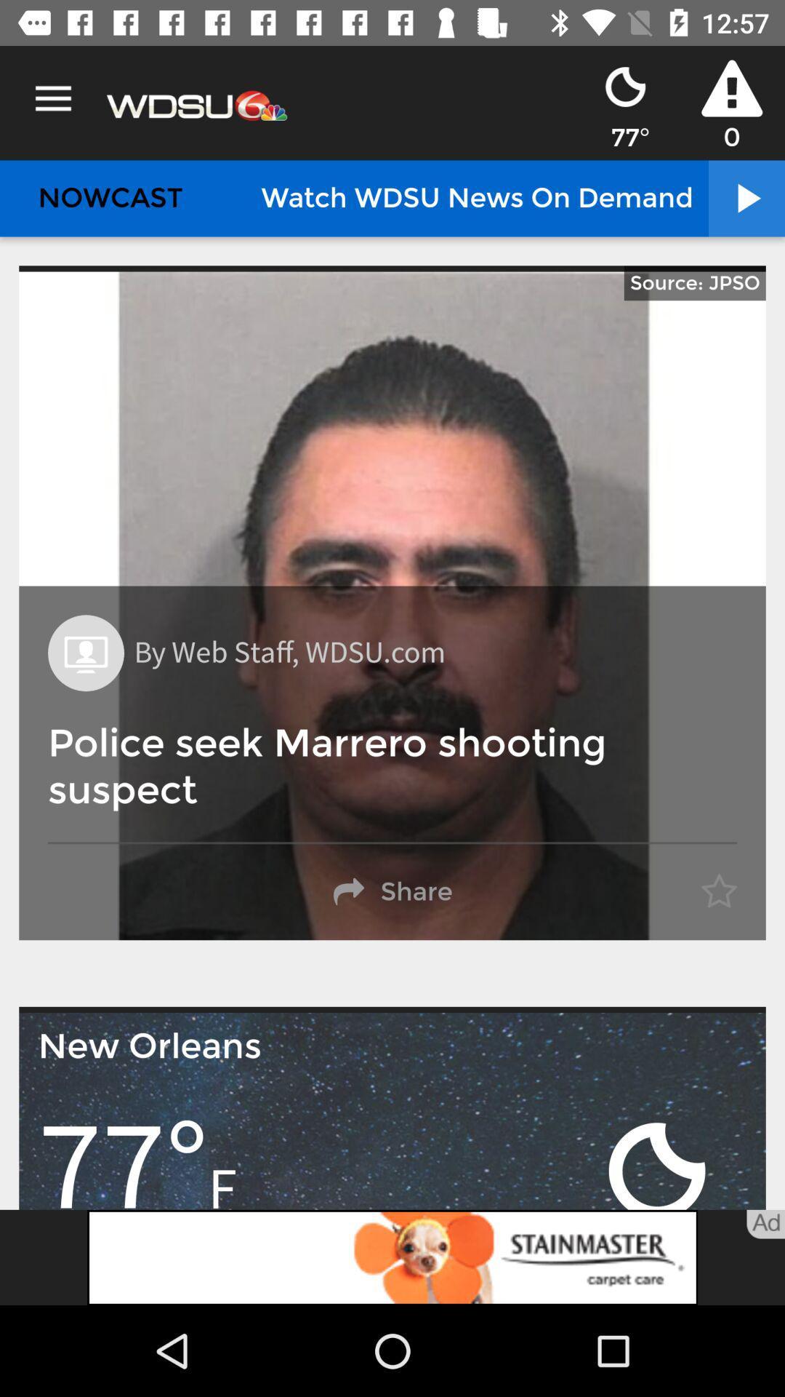 This screenshot has height=1397, width=785. Describe the element at coordinates (392, 1257) in the screenshot. I see `open the advertisement link` at that location.